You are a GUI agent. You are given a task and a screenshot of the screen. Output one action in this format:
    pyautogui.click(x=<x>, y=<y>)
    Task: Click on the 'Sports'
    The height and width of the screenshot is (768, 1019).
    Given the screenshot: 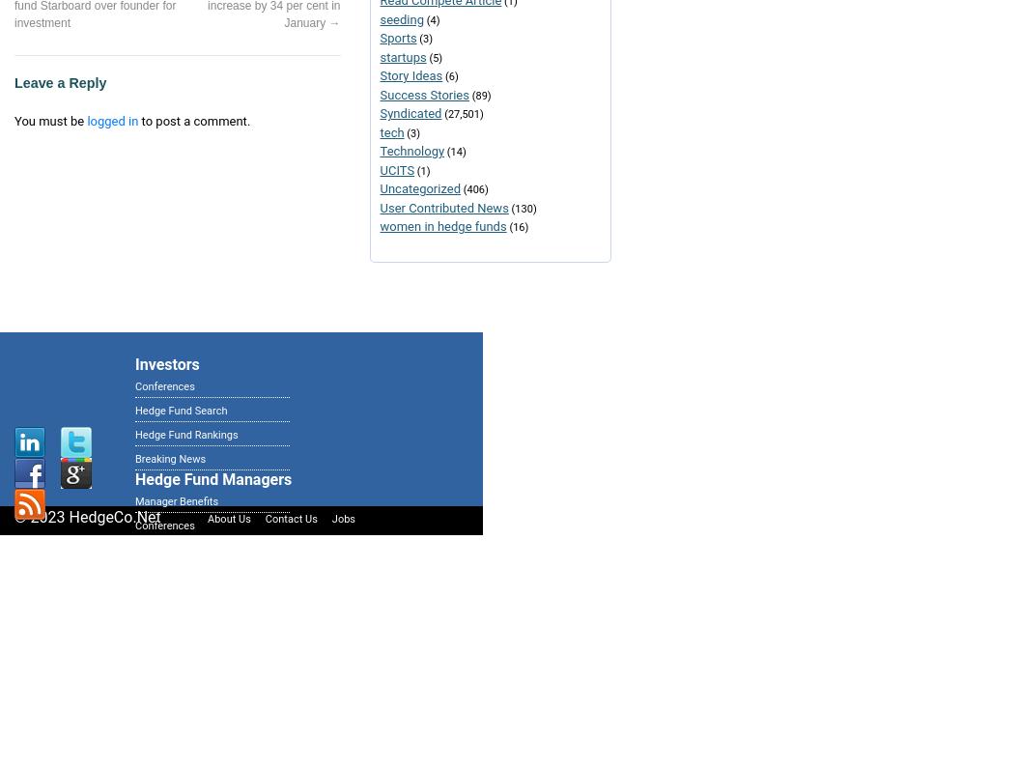 What is the action you would take?
    pyautogui.click(x=379, y=38)
    